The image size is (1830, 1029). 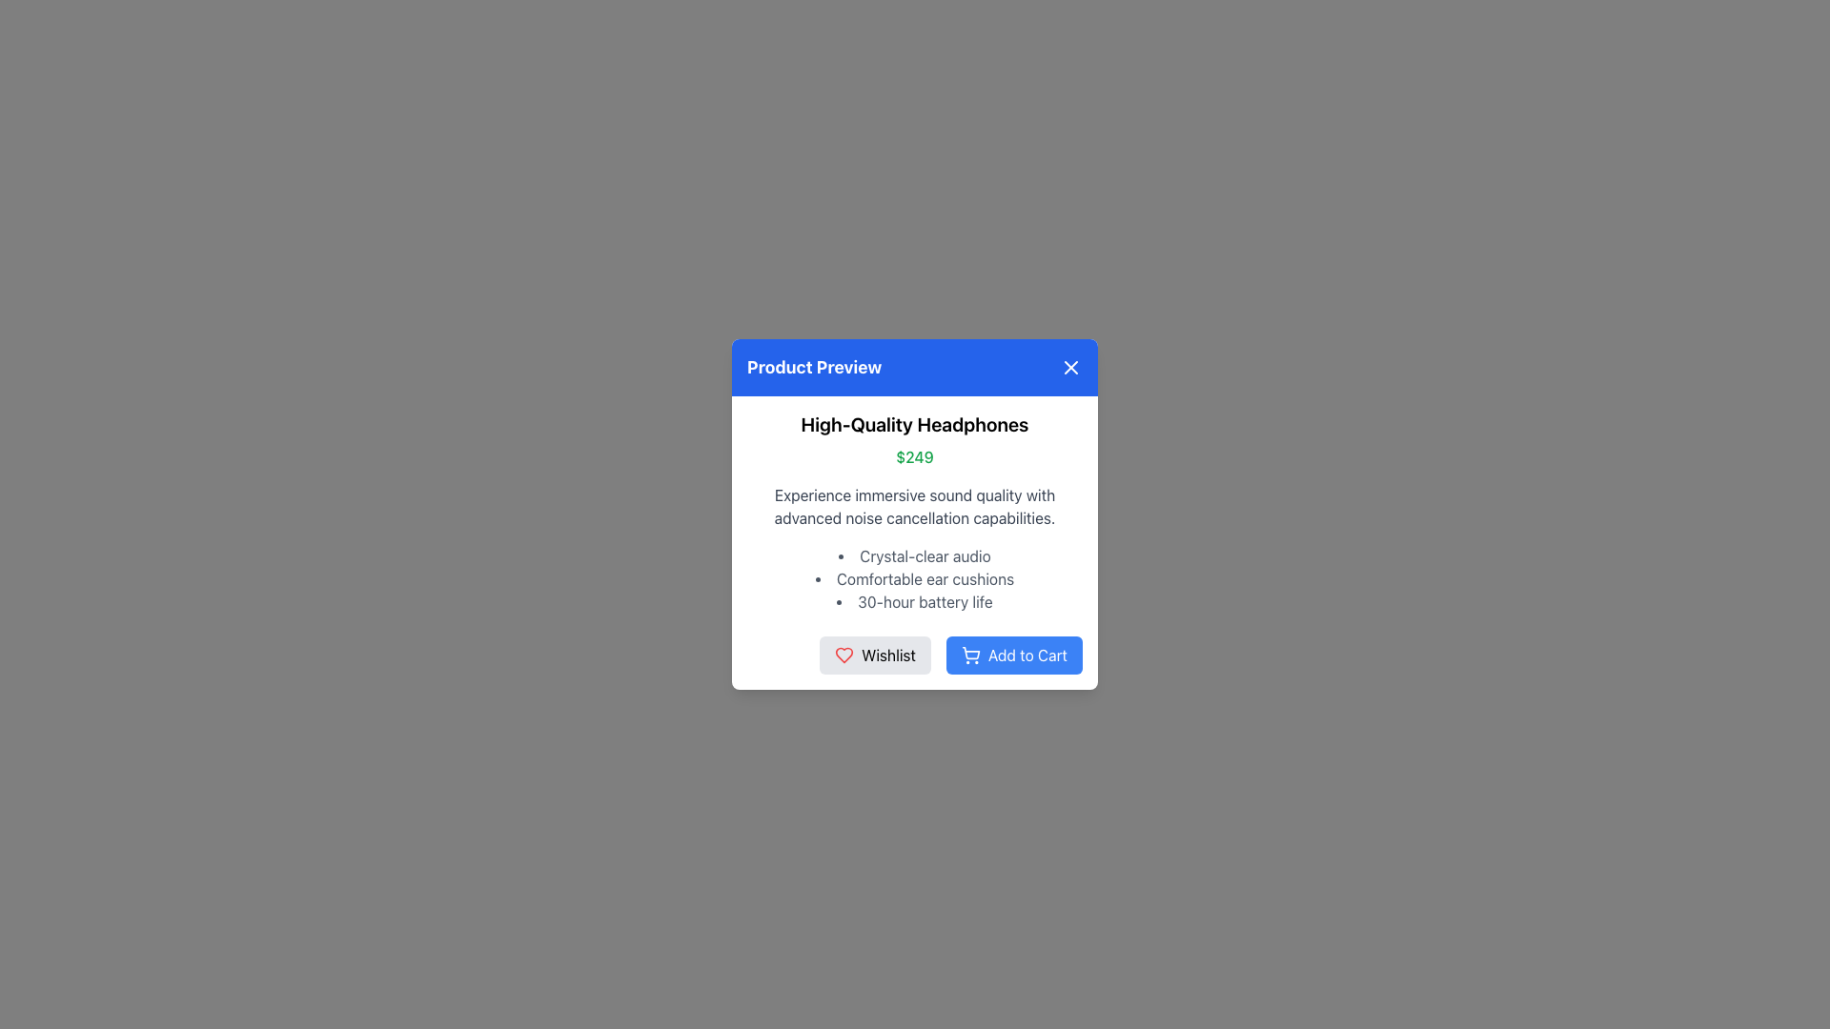 What do you see at coordinates (970, 654) in the screenshot?
I see `the blue shopping cart icon located within the 'Add to Cart' button, which is positioned to the left of the label text 'Add to Cart'` at bounding box center [970, 654].